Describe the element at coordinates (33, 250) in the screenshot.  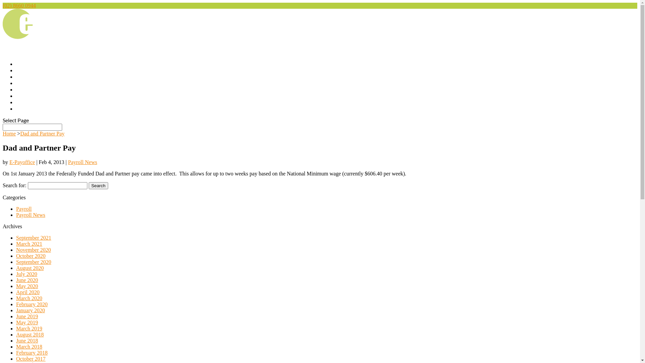
I see `'November 2020'` at that location.